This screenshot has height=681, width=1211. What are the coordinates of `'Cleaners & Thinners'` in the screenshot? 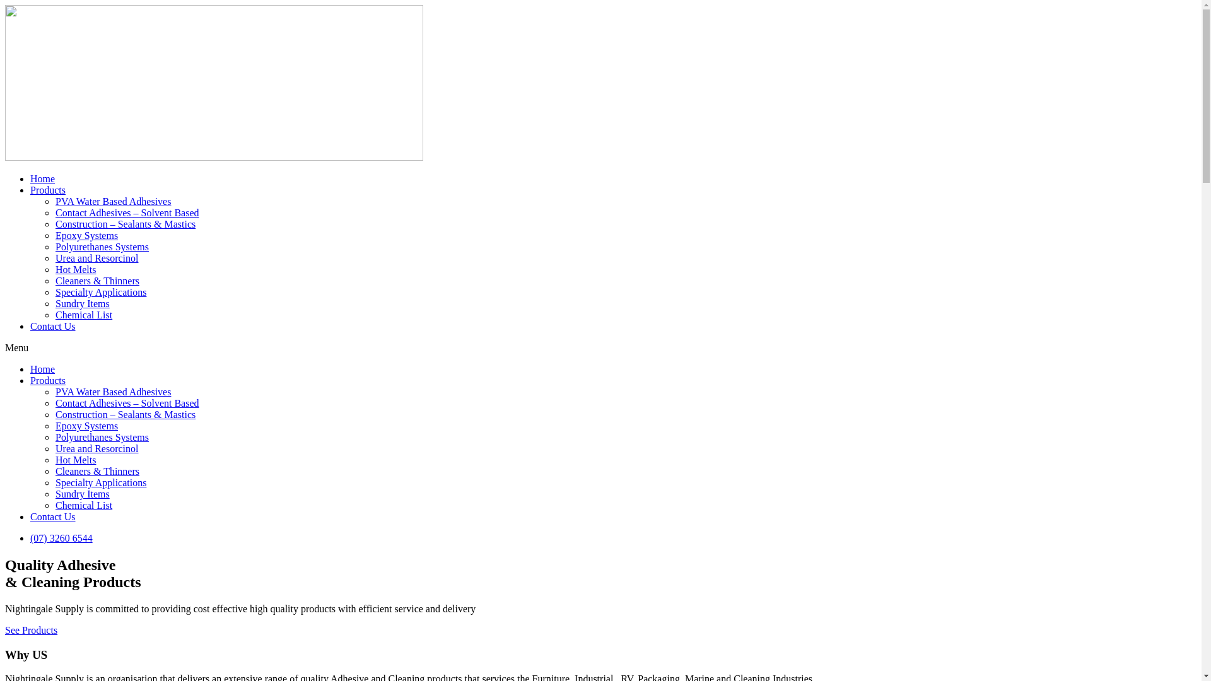 It's located at (97, 280).